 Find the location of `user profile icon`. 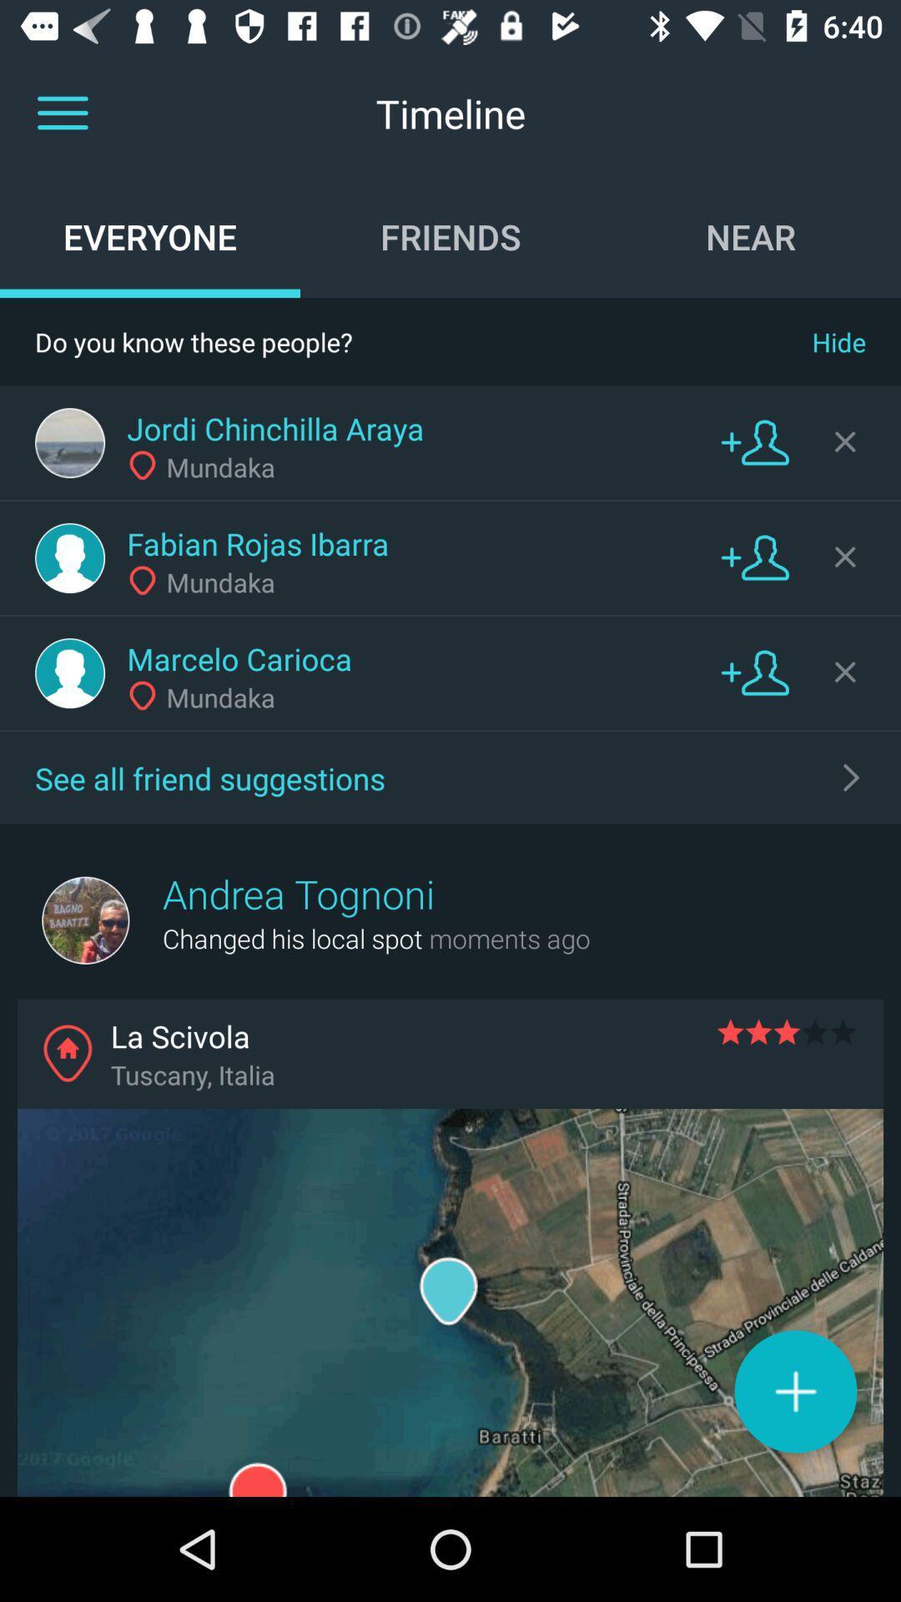

user profile icon is located at coordinates (69, 673).